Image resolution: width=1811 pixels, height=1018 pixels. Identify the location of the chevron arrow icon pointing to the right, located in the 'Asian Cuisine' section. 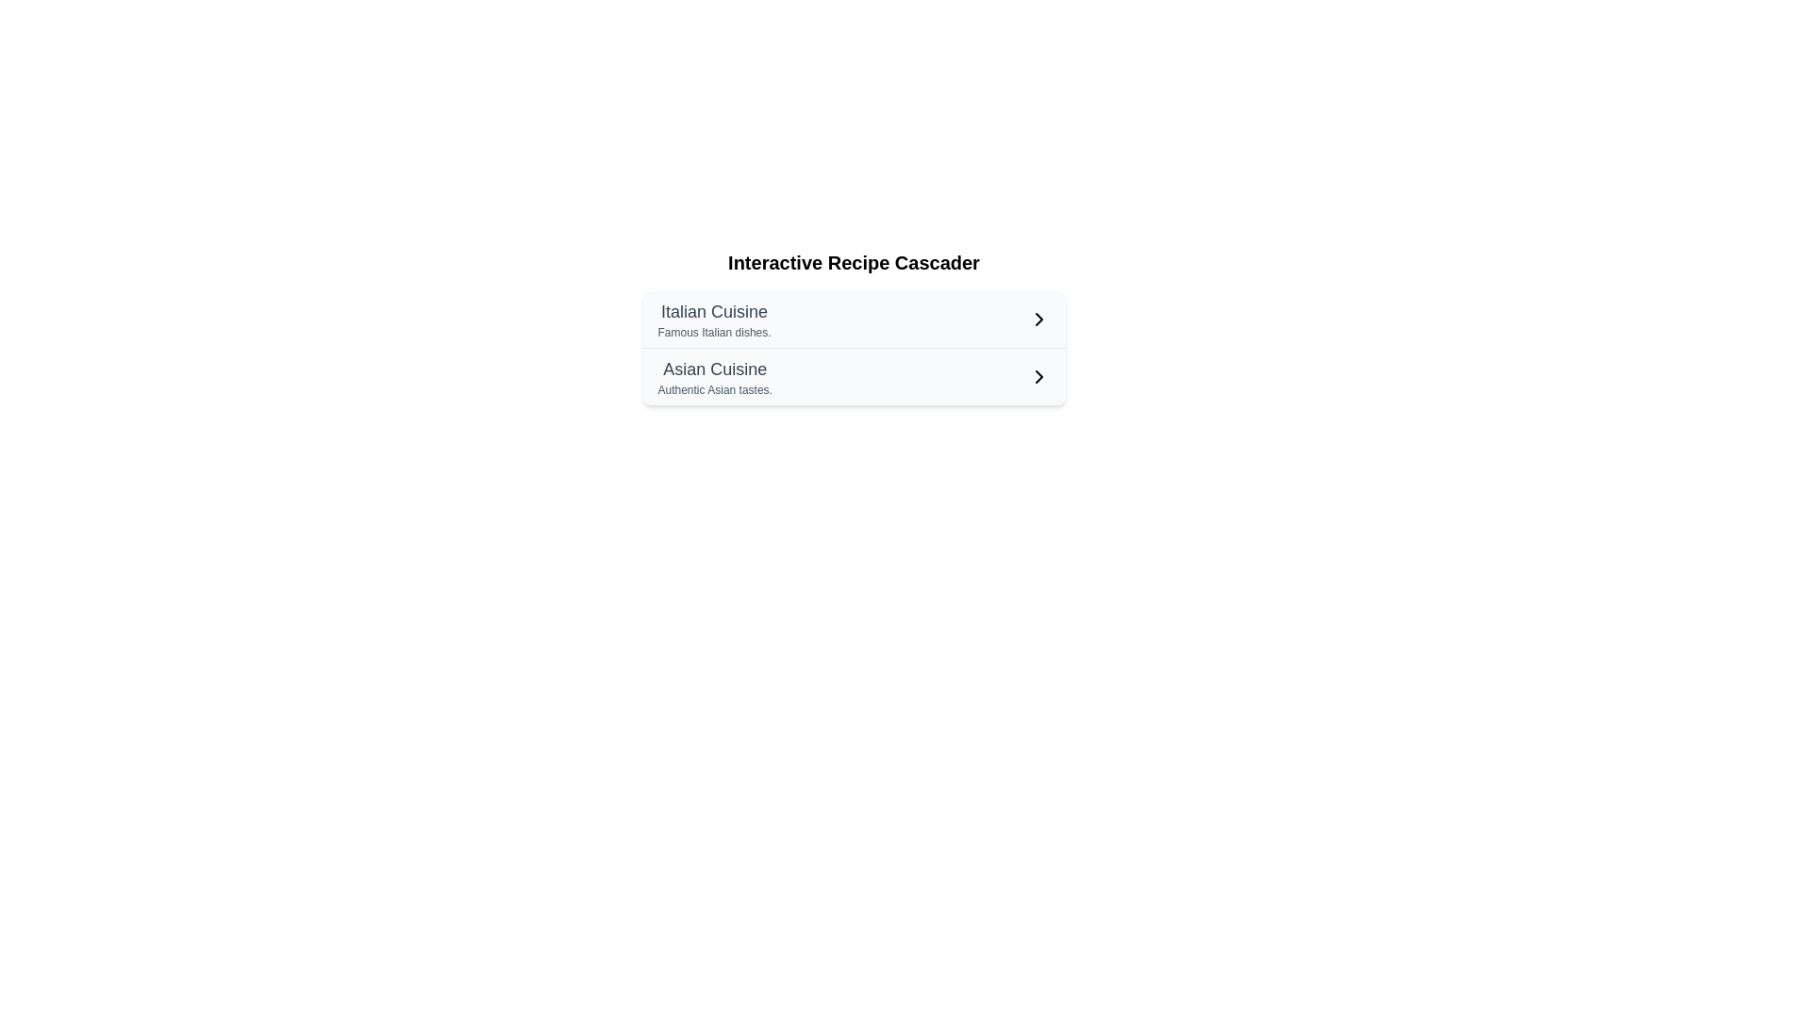
(1038, 377).